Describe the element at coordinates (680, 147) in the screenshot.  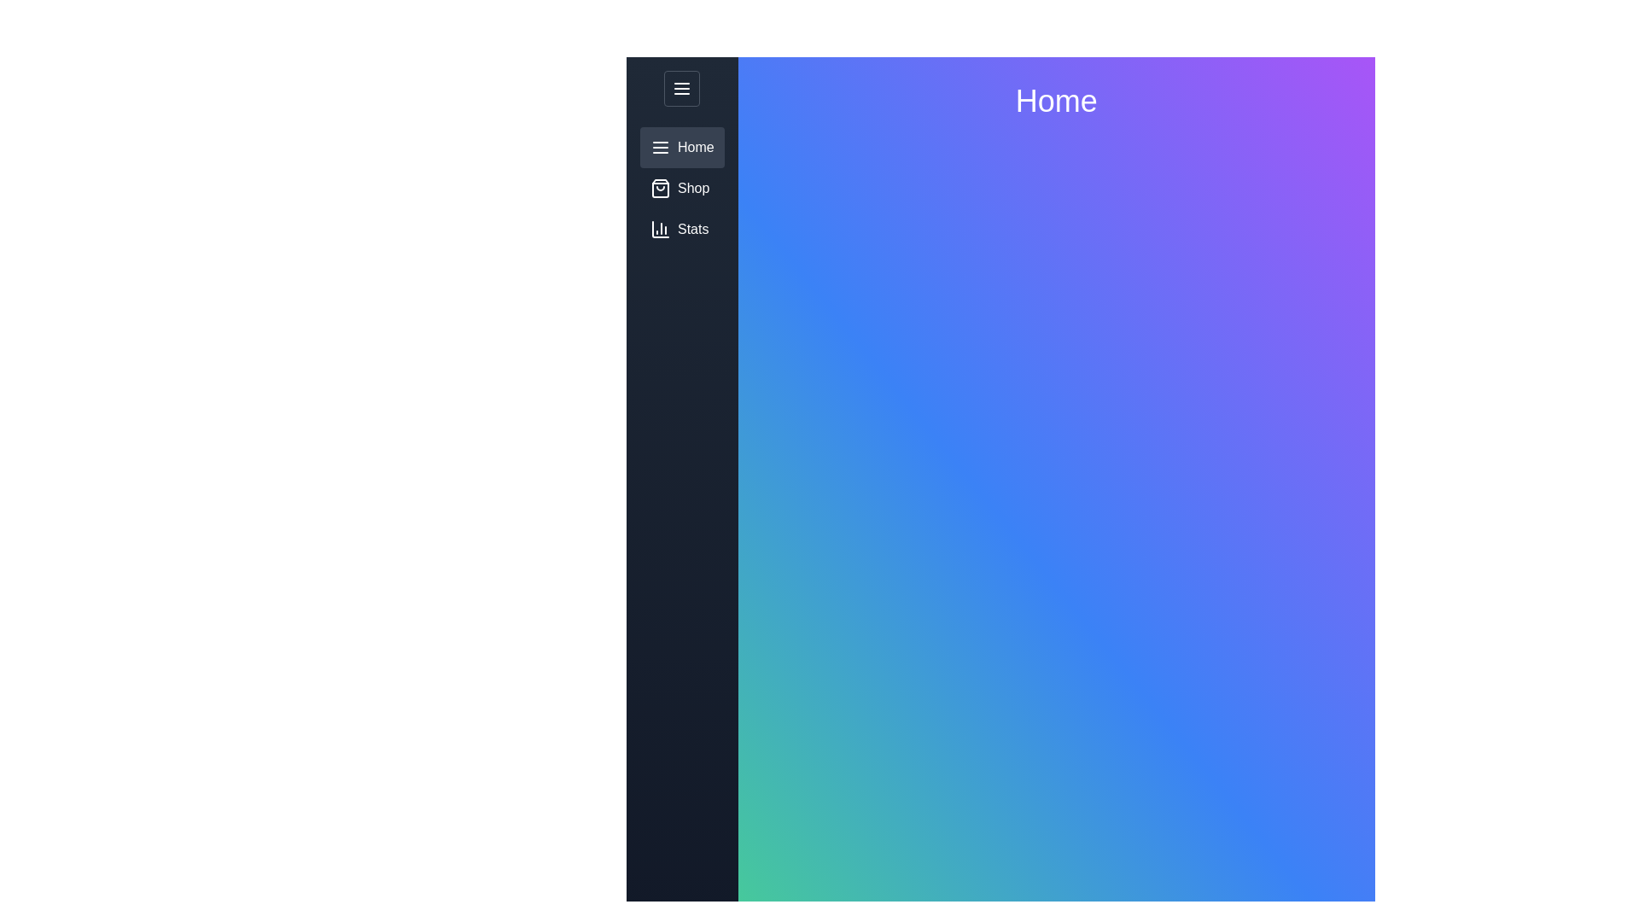
I see `the menu item 'Home' by clicking on its respective option` at that location.